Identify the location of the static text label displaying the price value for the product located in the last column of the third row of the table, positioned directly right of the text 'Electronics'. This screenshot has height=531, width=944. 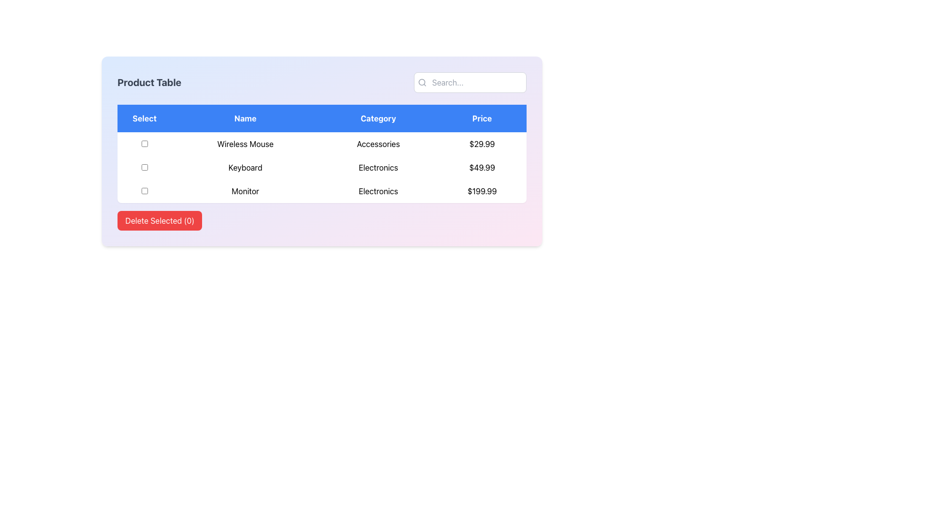
(482, 191).